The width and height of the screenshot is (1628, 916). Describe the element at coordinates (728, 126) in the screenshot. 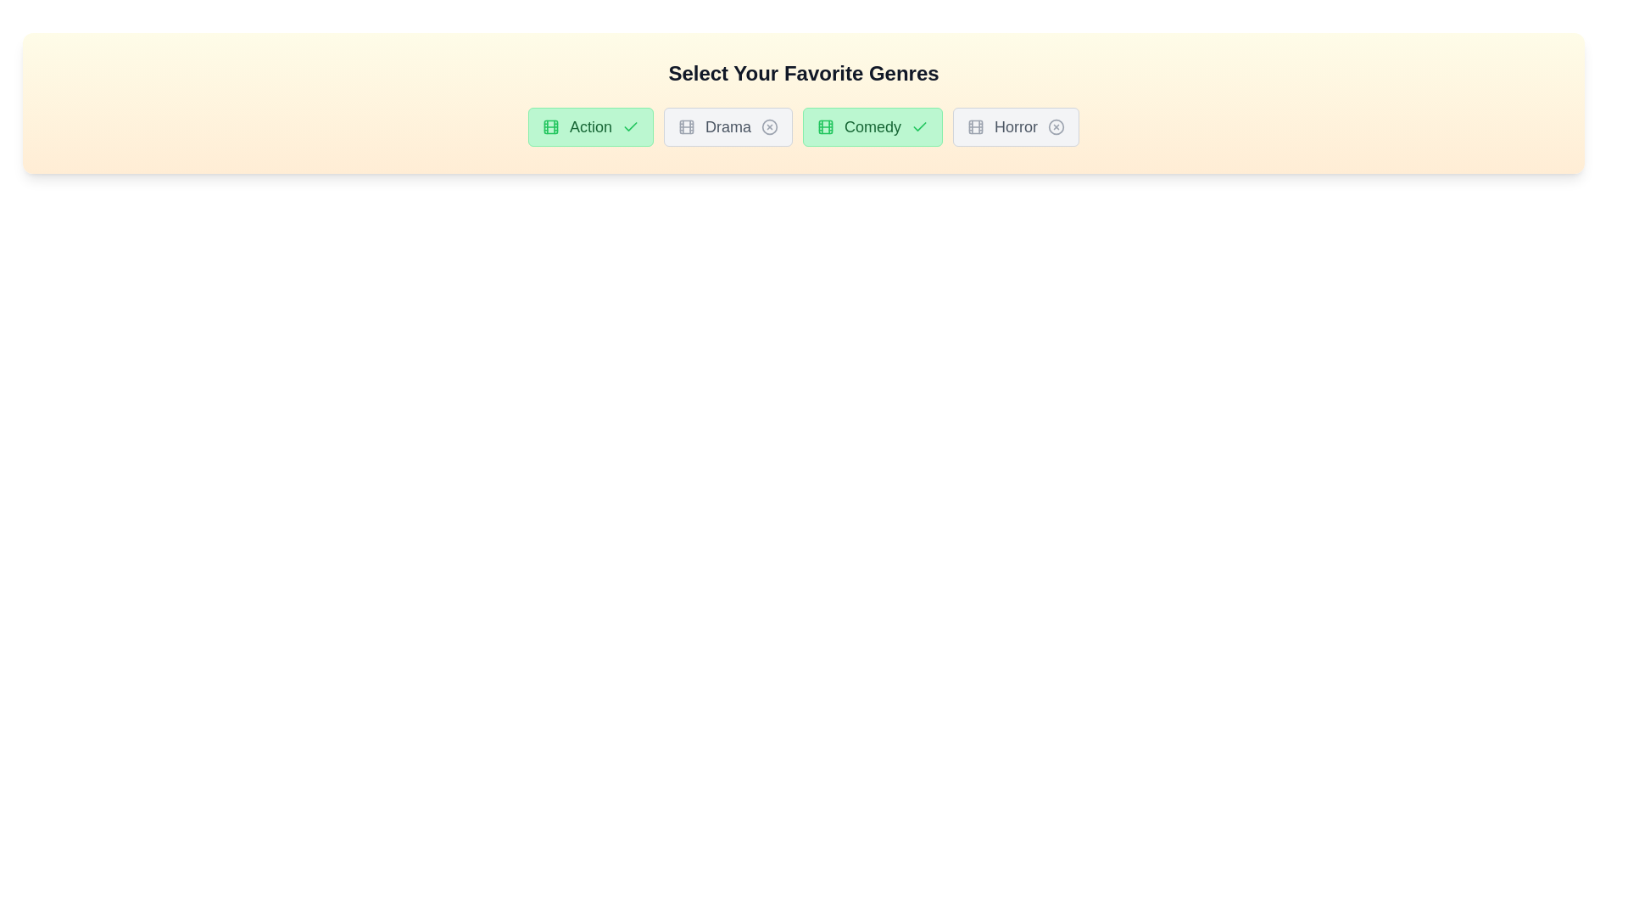

I see `the genre Drama` at that location.